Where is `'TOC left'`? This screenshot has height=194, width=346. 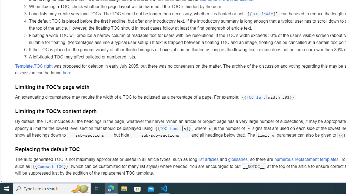 'TOC left' is located at coordinates (256, 97).